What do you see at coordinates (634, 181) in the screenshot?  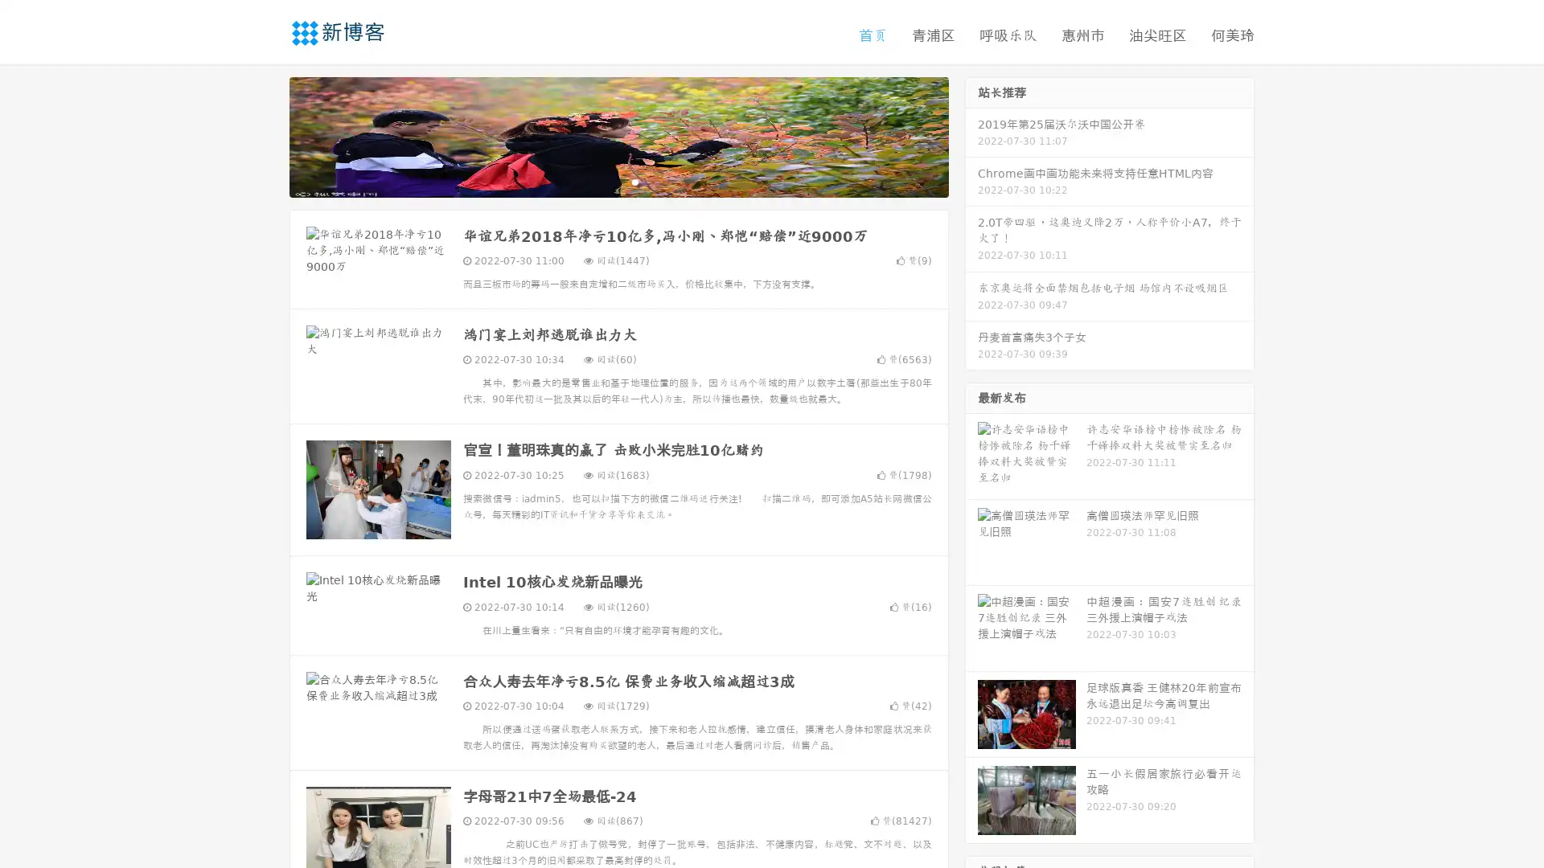 I see `Go to slide 3` at bounding box center [634, 181].